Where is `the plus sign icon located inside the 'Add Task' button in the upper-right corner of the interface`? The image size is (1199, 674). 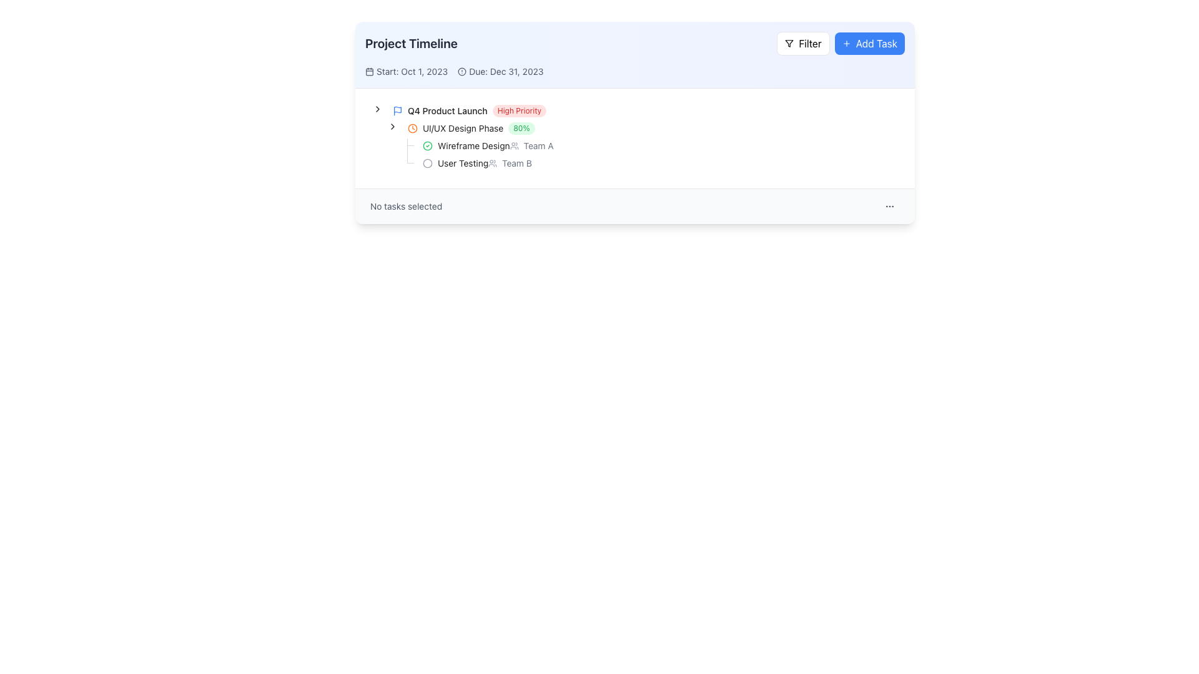
the plus sign icon located inside the 'Add Task' button in the upper-right corner of the interface is located at coordinates (846, 42).